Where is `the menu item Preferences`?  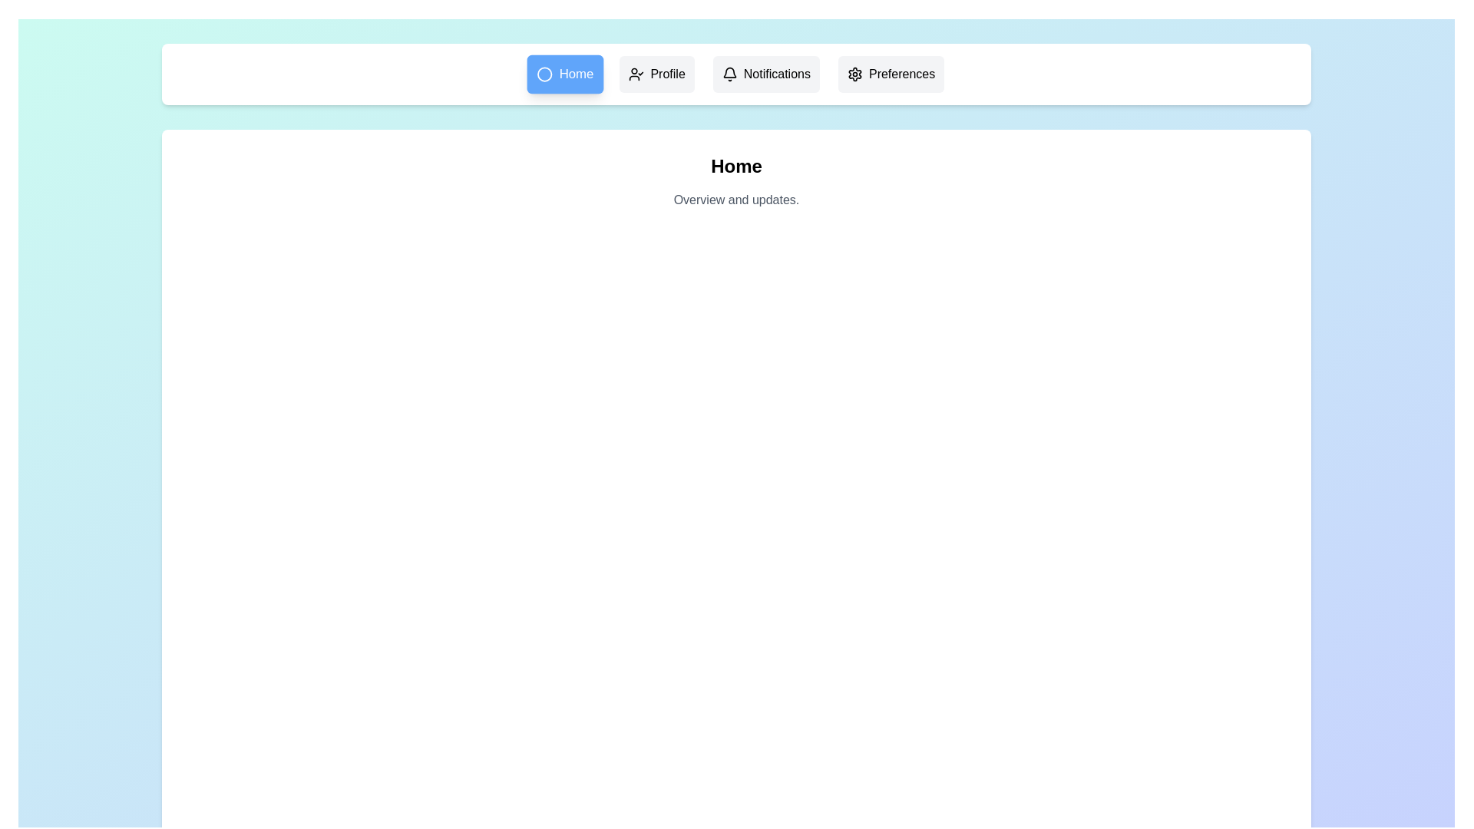 the menu item Preferences is located at coordinates (891, 74).